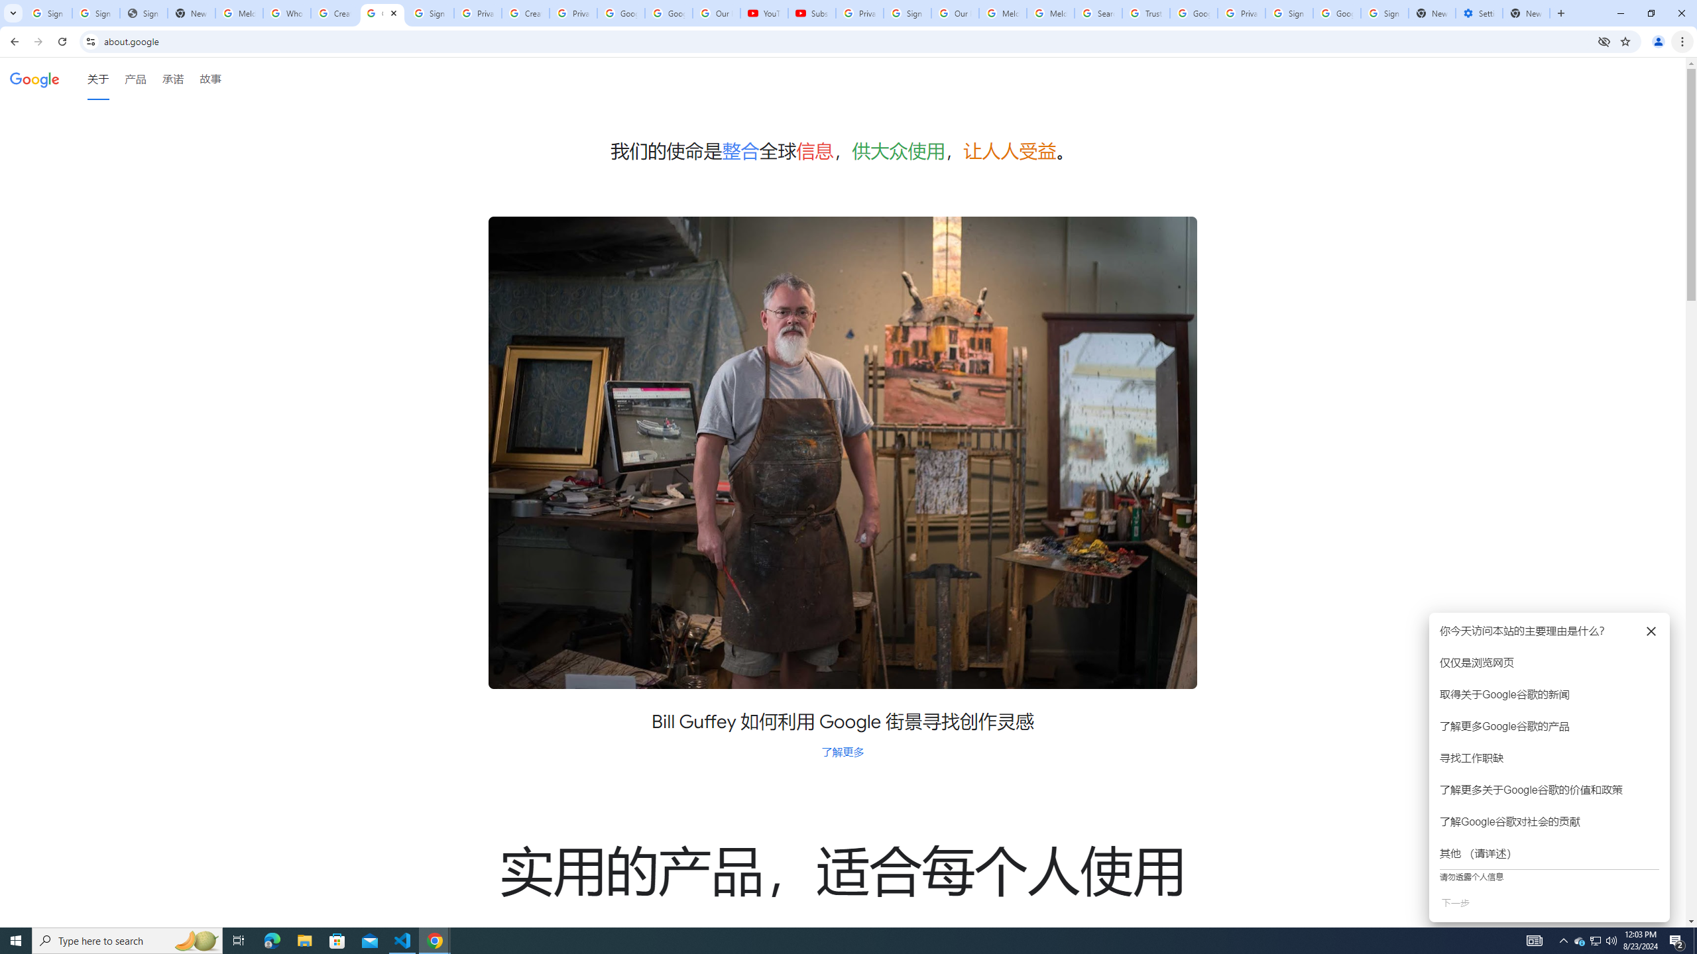 The image size is (1697, 954). Describe the element at coordinates (1145, 13) in the screenshot. I see `'Trusted Information and Content - Google Safety Center'` at that location.